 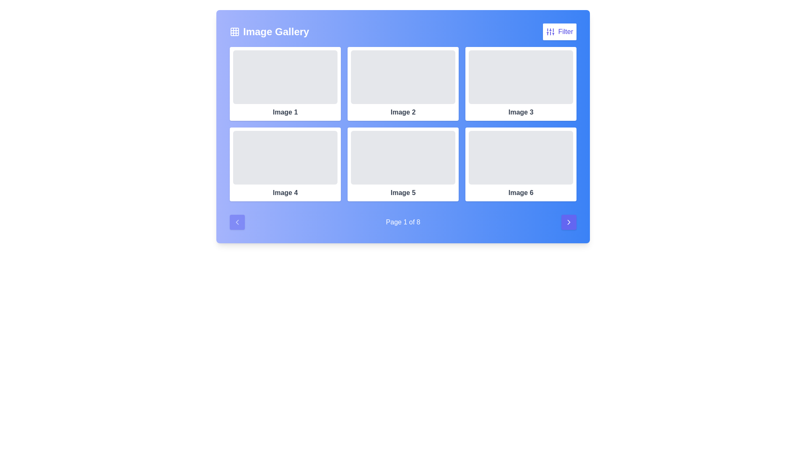 I want to click on the non-interactive header element labeled 'Image Gallery' located in the header section, aligned to the left side, adjacent to the 'Filter' button, so click(x=269, y=31).